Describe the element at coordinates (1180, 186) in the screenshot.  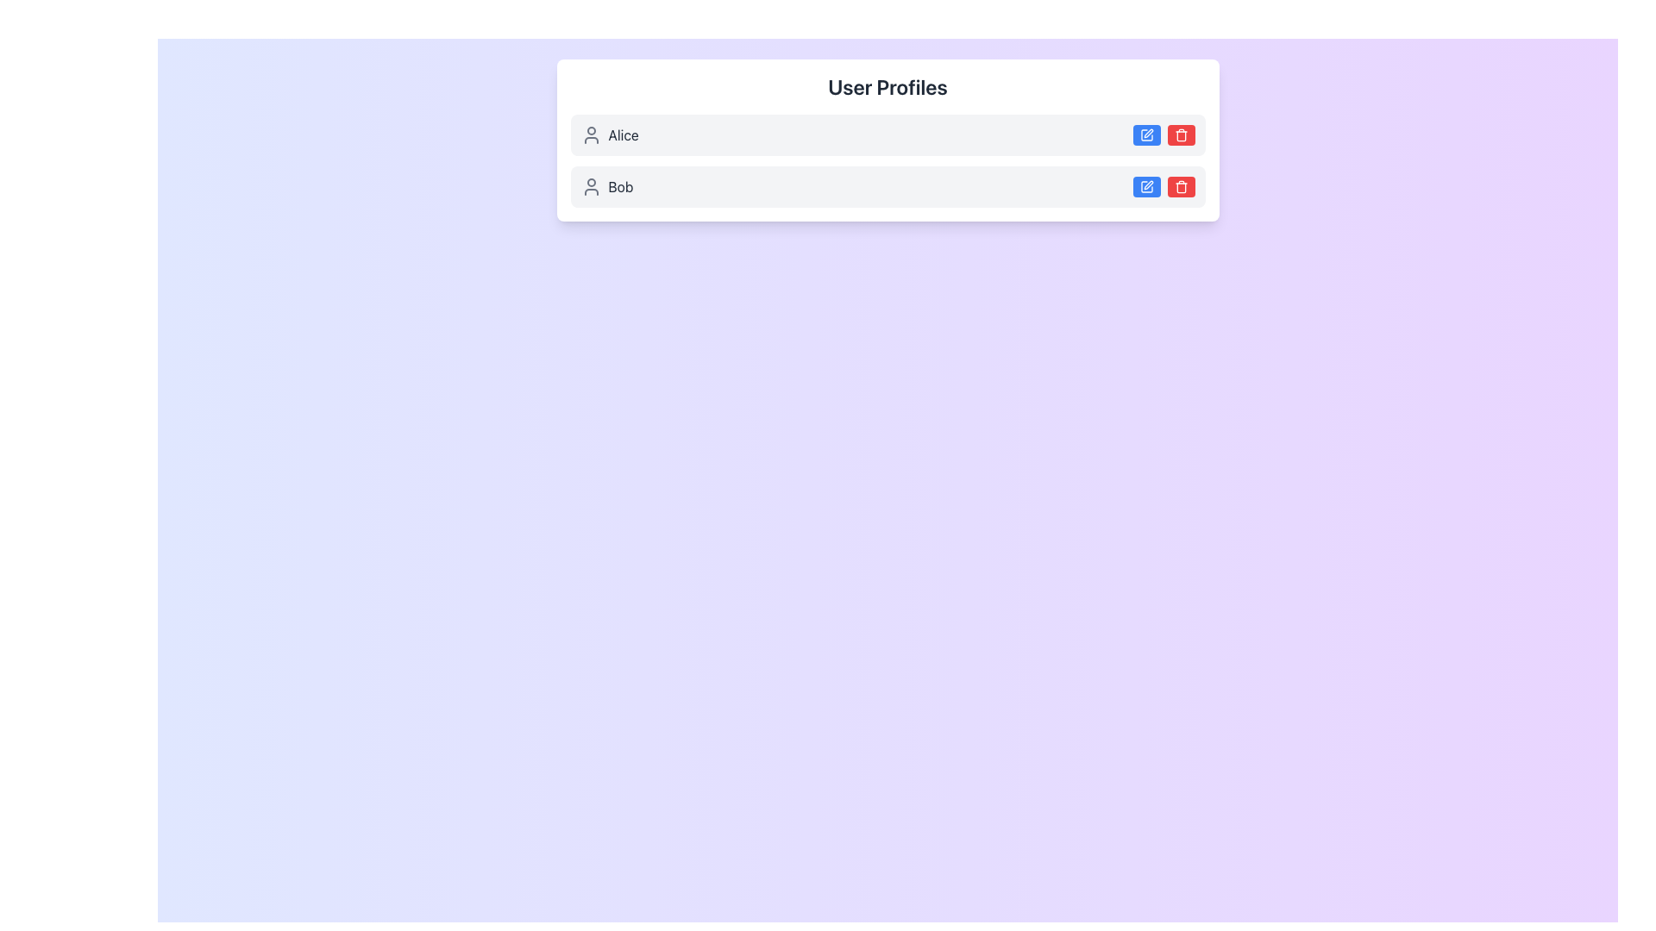
I see `the delete button positioned at the rightmost side of the second row in the user profiles list` at that location.